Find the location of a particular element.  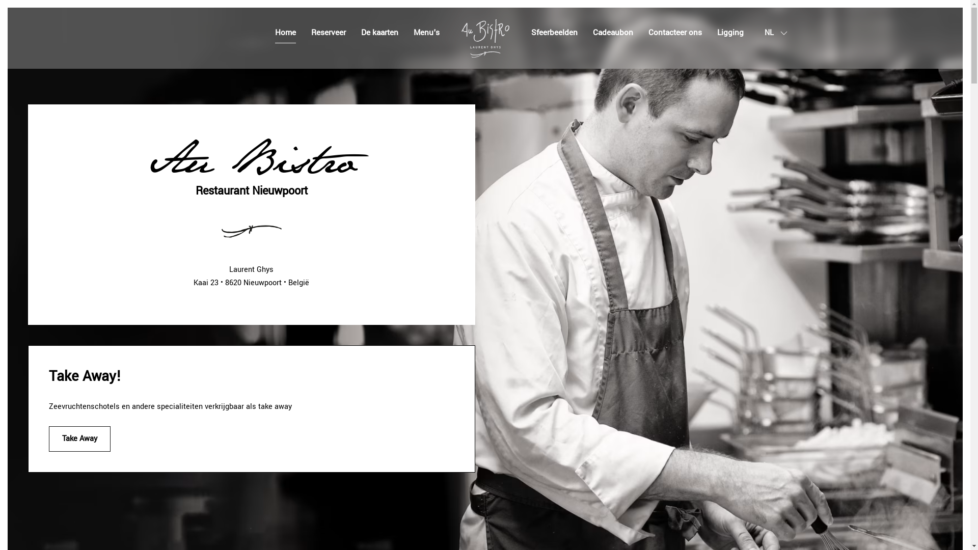

'Ligging' is located at coordinates (730, 33).